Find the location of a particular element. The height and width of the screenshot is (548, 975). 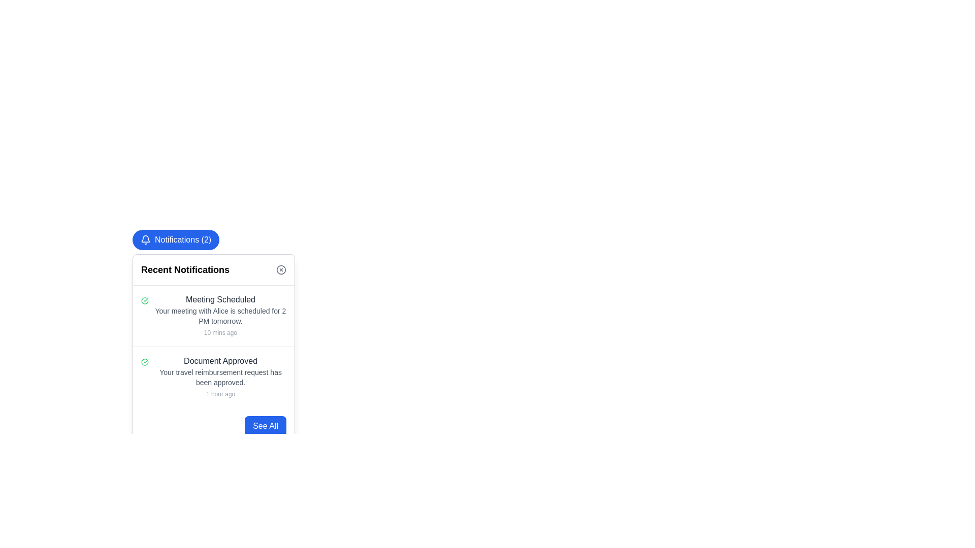

the timestamp text label within the 'Document Approved' notification card, which is located below the message body text and is the last element in the card is located at coordinates (220, 393).